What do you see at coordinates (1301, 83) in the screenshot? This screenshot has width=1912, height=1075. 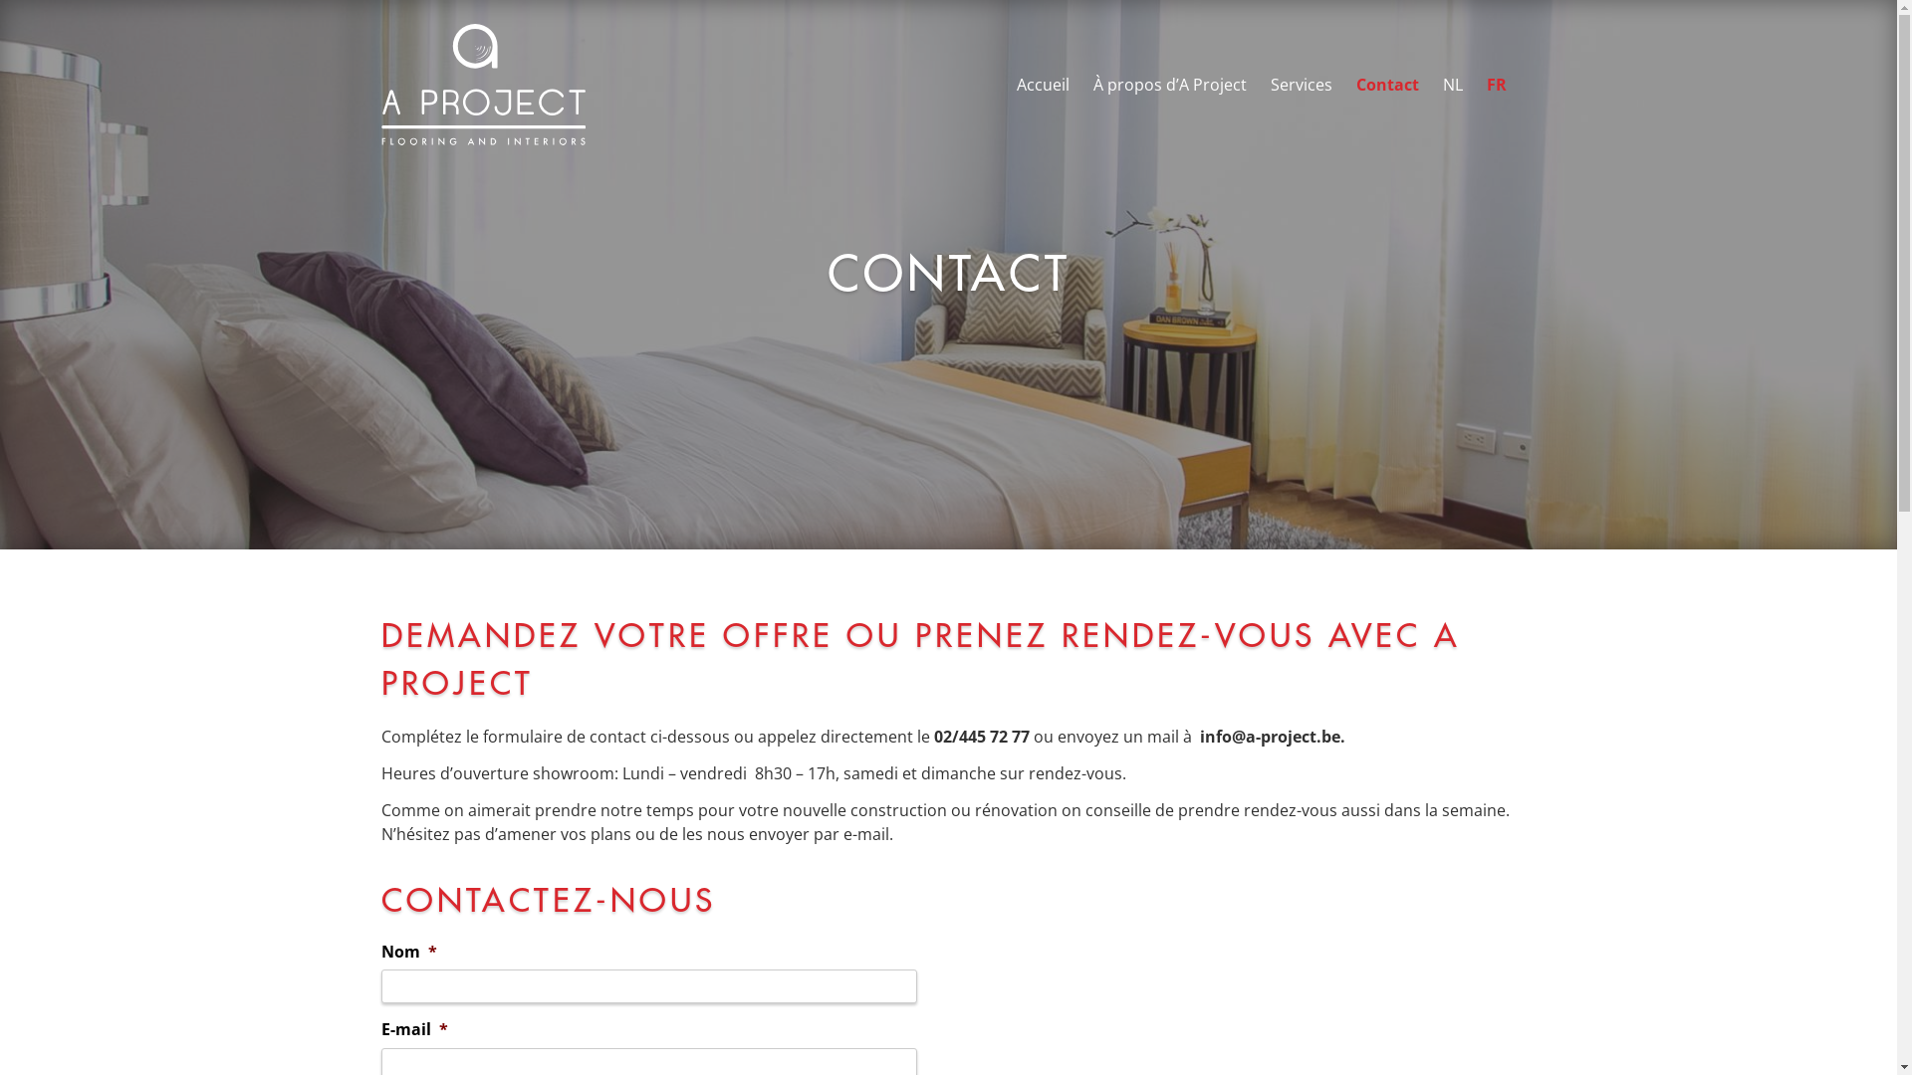 I see `'Services'` at bounding box center [1301, 83].